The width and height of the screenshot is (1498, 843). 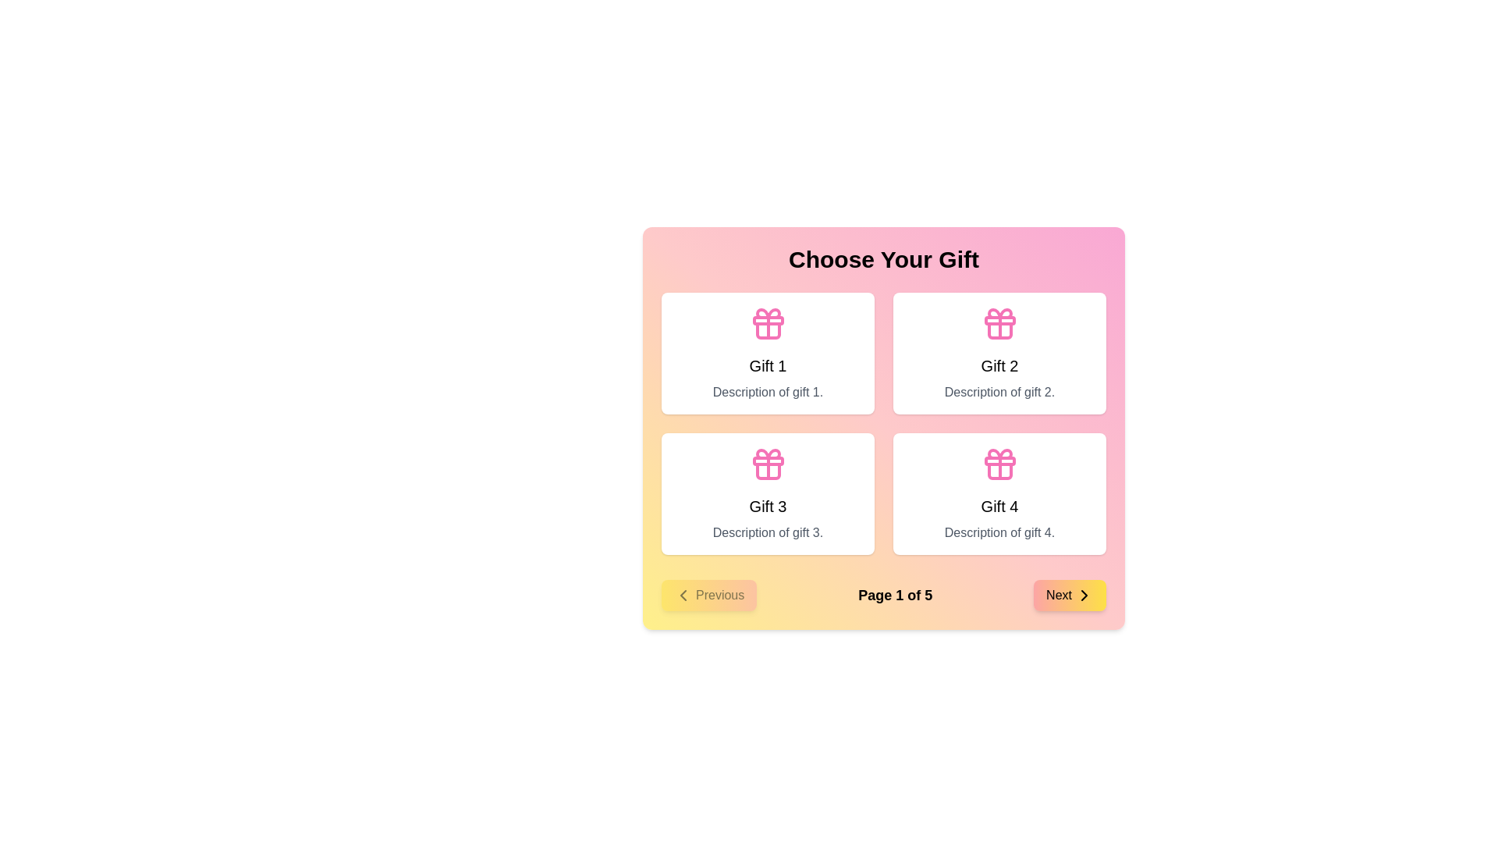 What do you see at coordinates (895, 596) in the screenshot?
I see `the informational Text label that shows the current page number (1) out of 5, located at the bottom of the interface between the 'Previous' and 'Next' buttons` at bounding box center [895, 596].